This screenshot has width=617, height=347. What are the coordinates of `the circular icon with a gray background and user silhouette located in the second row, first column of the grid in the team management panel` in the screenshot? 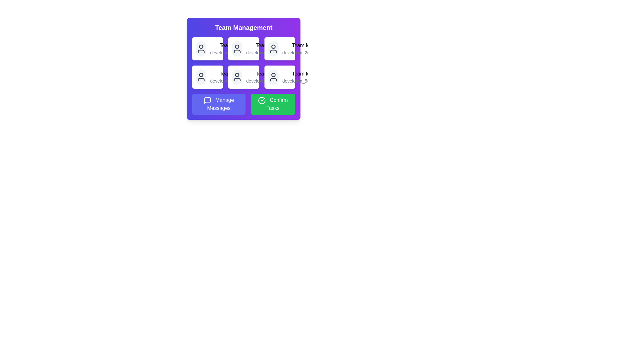 It's located at (201, 76).